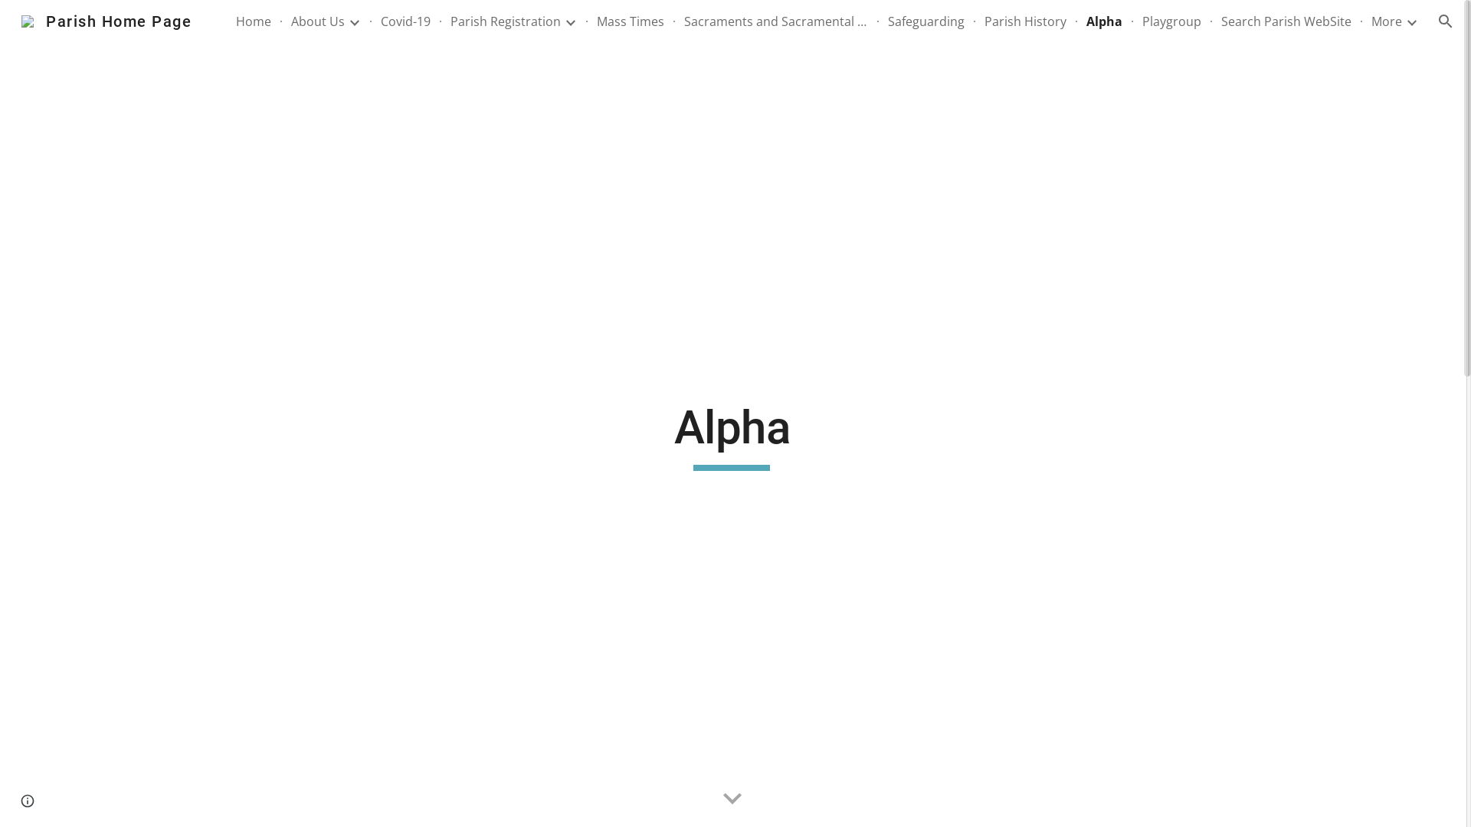 The height and width of the screenshot is (827, 1471). Describe the element at coordinates (106, 20) in the screenshot. I see `'Parish Home Page'` at that location.